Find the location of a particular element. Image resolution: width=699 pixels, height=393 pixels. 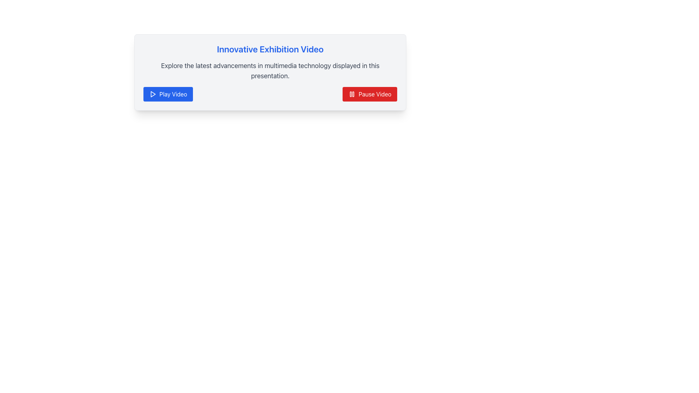

the left rectangular bar of the pause icon, which is located at the bottom-right corner of the card is located at coordinates (351, 94).